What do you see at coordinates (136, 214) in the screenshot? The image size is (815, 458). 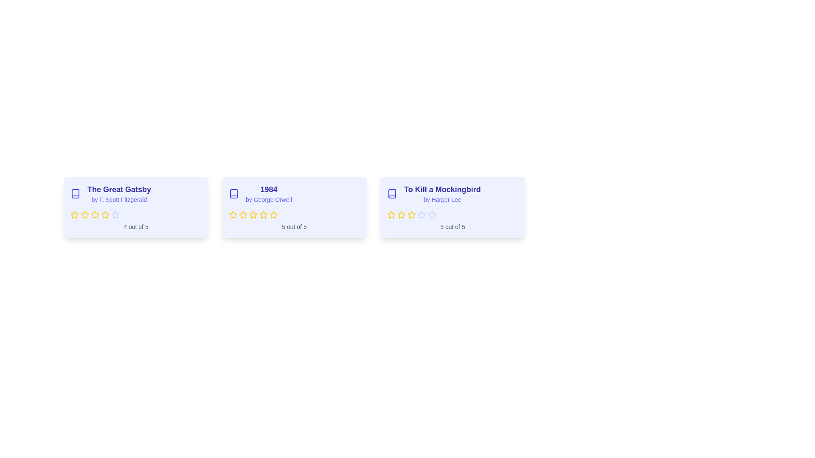 I see `the rating stars of the book to view its rating` at bounding box center [136, 214].